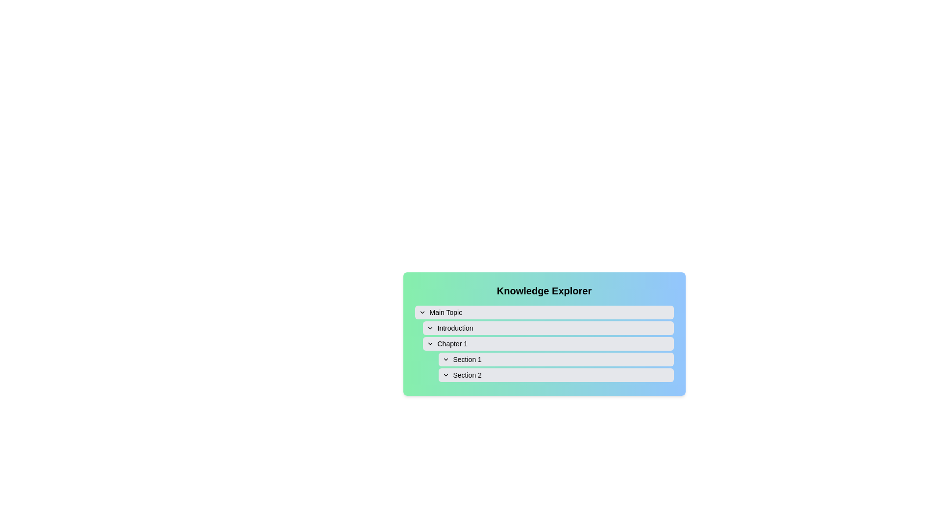 The width and height of the screenshot is (941, 529). I want to click on the toggle button labeled 'Chapter 1', so click(547, 343).